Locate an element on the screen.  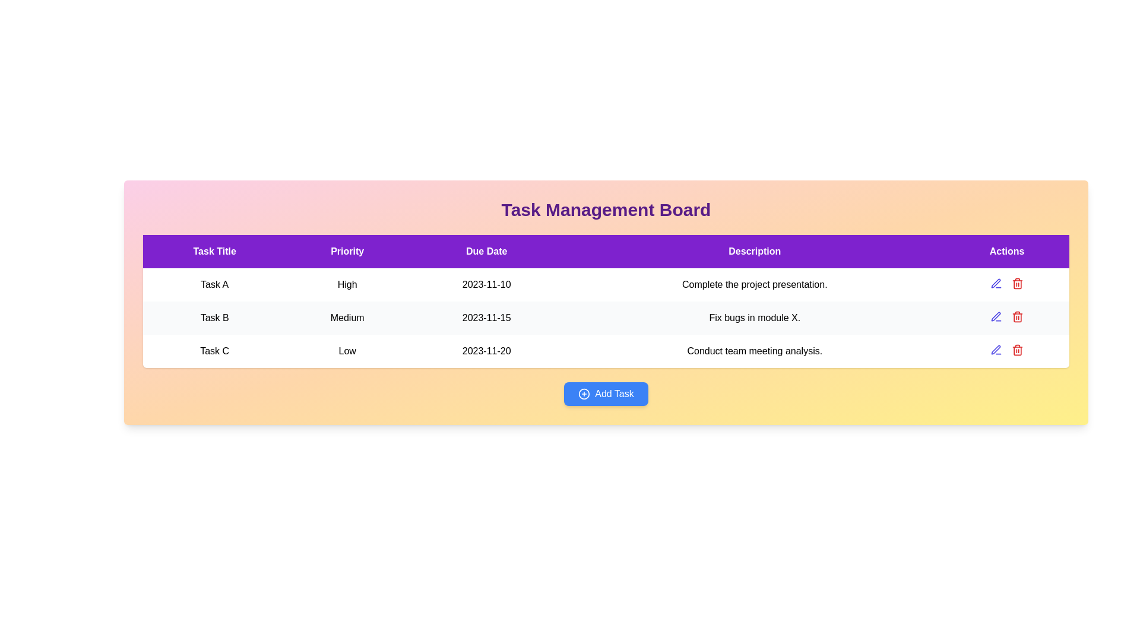
the first row of the task management table containing 'Task A' is located at coordinates (606, 284).